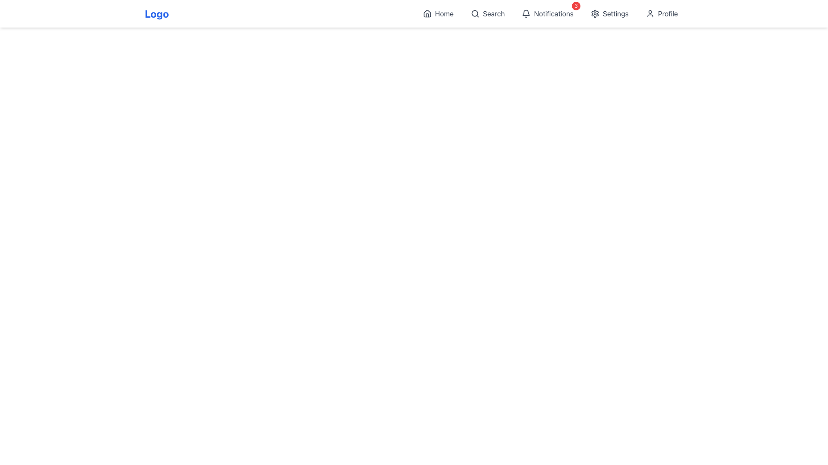 Image resolution: width=828 pixels, height=465 pixels. Describe the element at coordinates (427, 13) in the screenshot. I see `the Home icon in the navigation bar, which is a stylized house structure with a triangular roof and arched entrance` at that location.